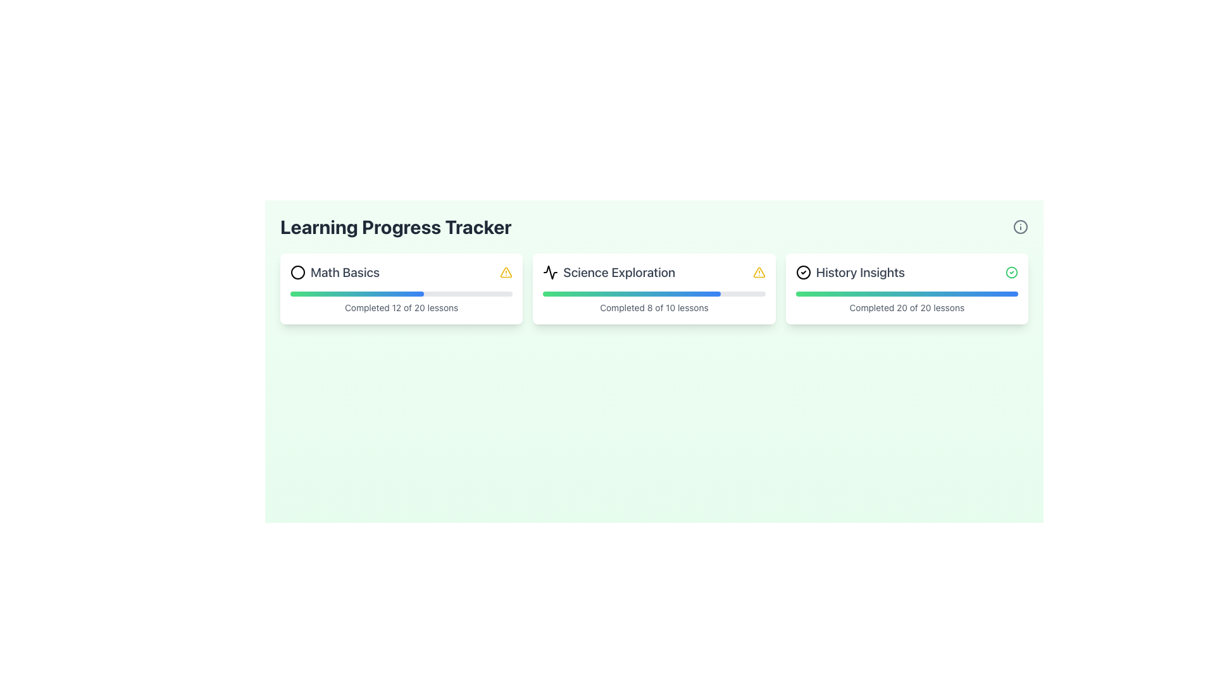 The image size is (1215, 683). I want to click on the small yellow triangle icon with a black outline and a white exclamation mark inside, located at the top-right corner of the 'Science Exploration' card, near the card's title, so click(759, 272).